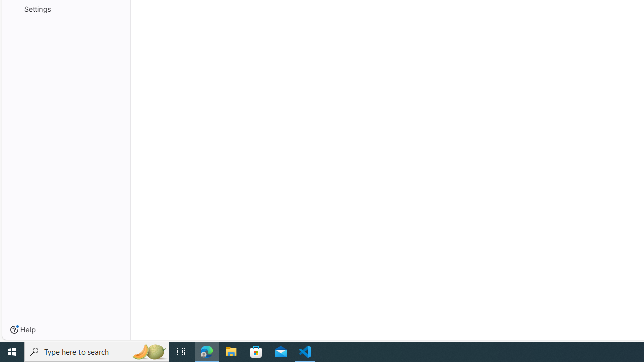 The width and height of the screenshot is (644, 362). Describe the element at coordinates (23, 329) in the screenshot. I see `'Help'` at that location.